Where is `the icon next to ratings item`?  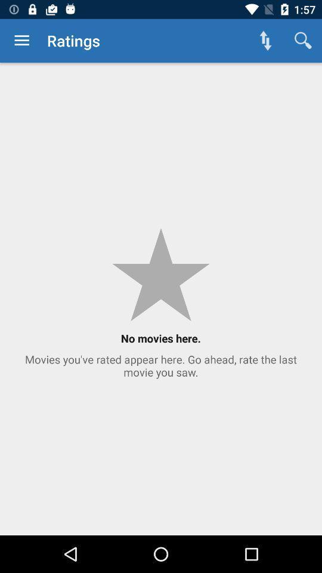 the icon next to ratings item is located at coordinates (265, 41).